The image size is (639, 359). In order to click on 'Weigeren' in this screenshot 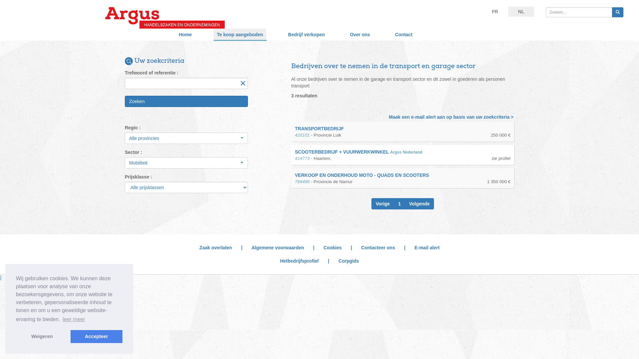, I will do `click(41, 336)`.